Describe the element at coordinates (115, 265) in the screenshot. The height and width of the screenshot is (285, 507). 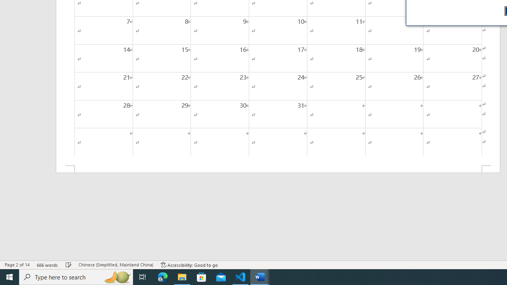
I see `'Language Chinese (Simplified, Mainland China)'` at that location.